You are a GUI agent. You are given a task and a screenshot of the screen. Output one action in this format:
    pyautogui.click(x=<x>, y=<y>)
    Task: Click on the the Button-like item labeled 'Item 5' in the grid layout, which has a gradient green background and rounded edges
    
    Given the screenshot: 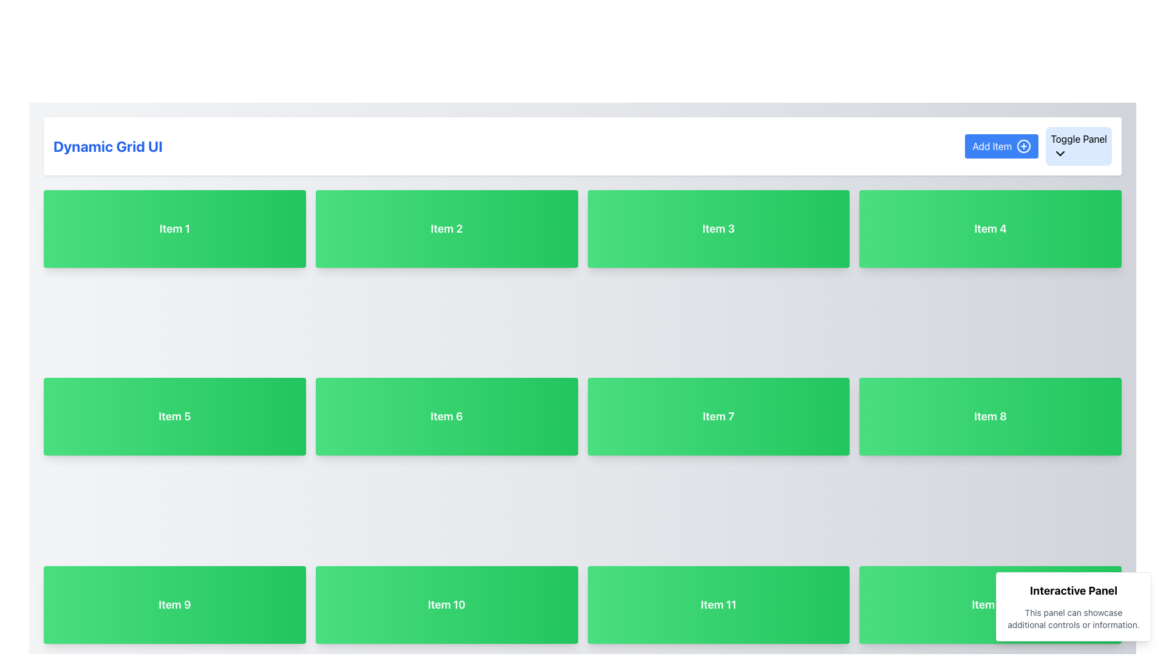 What is the action you would take?
    pyautogui.click(x=174, y=416)
    